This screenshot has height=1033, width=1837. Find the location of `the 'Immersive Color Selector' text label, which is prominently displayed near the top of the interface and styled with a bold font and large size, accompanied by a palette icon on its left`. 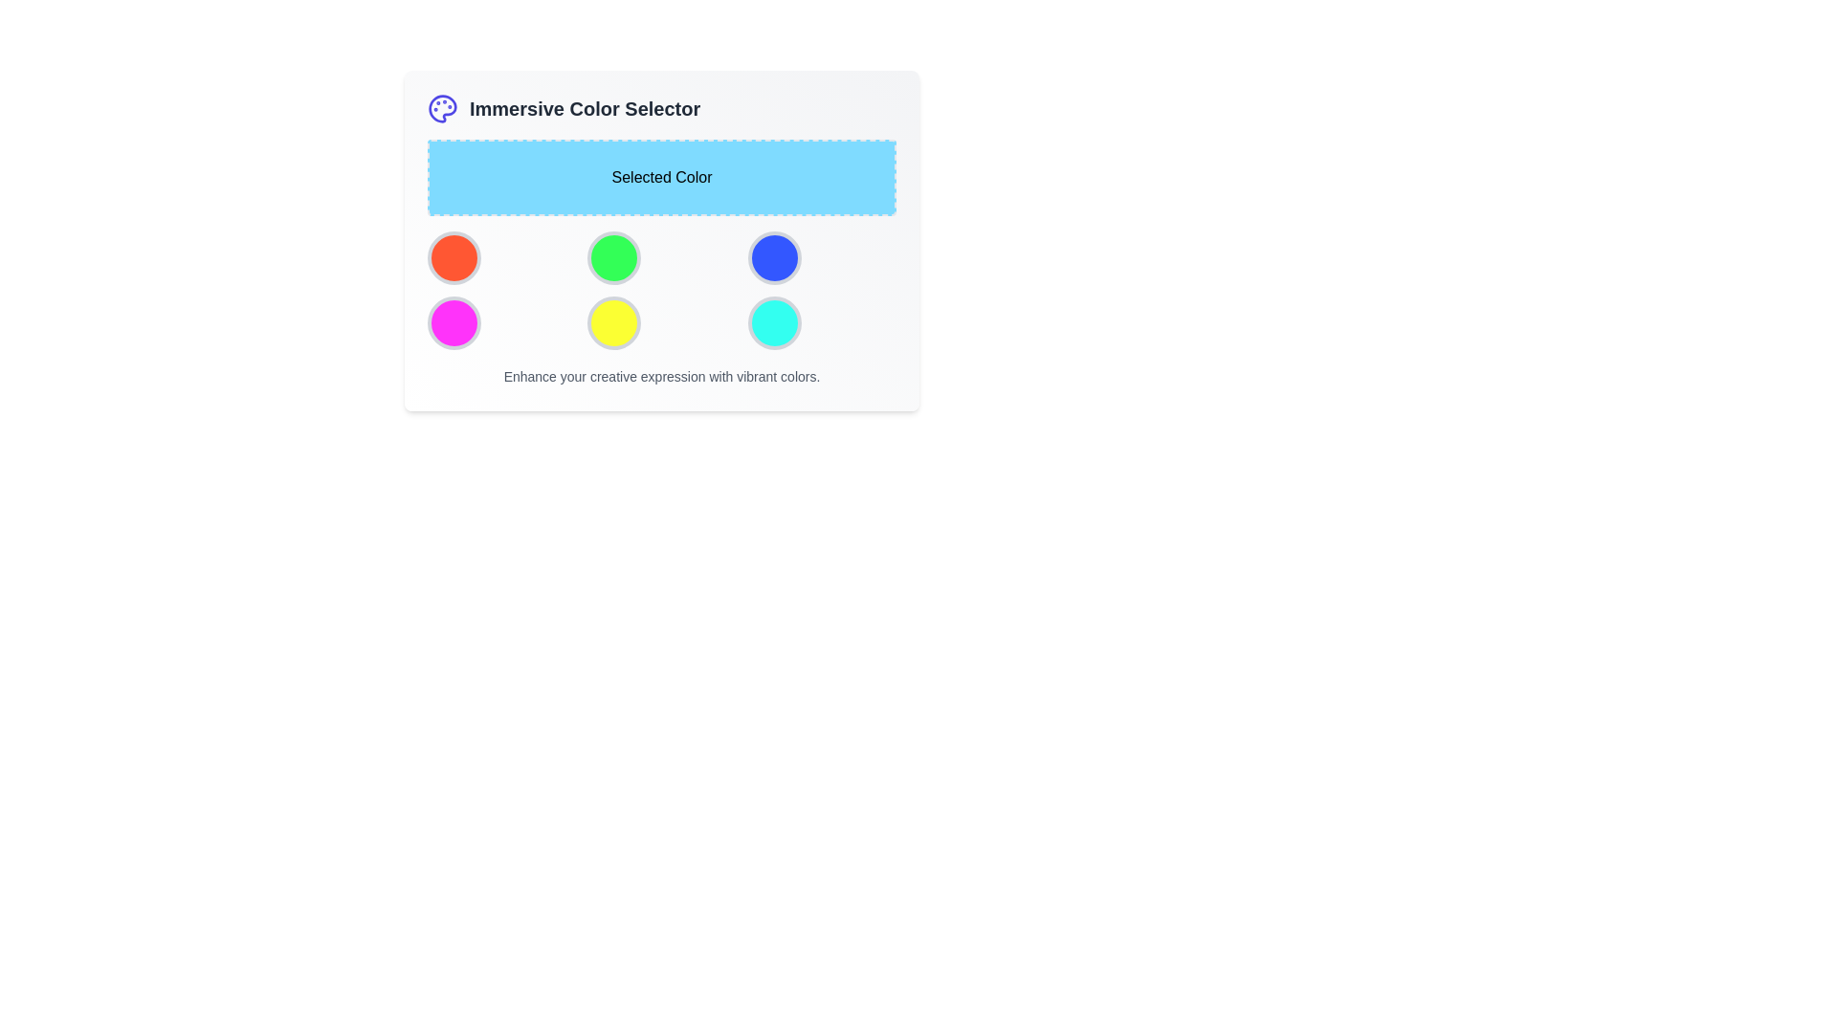

the 'Immersive Color Selector' text label, which is prominently displayed near the top of the interface and styled with a bold font and large size, accompanied by a palette icon on its left is located at coordinates (563, 109).